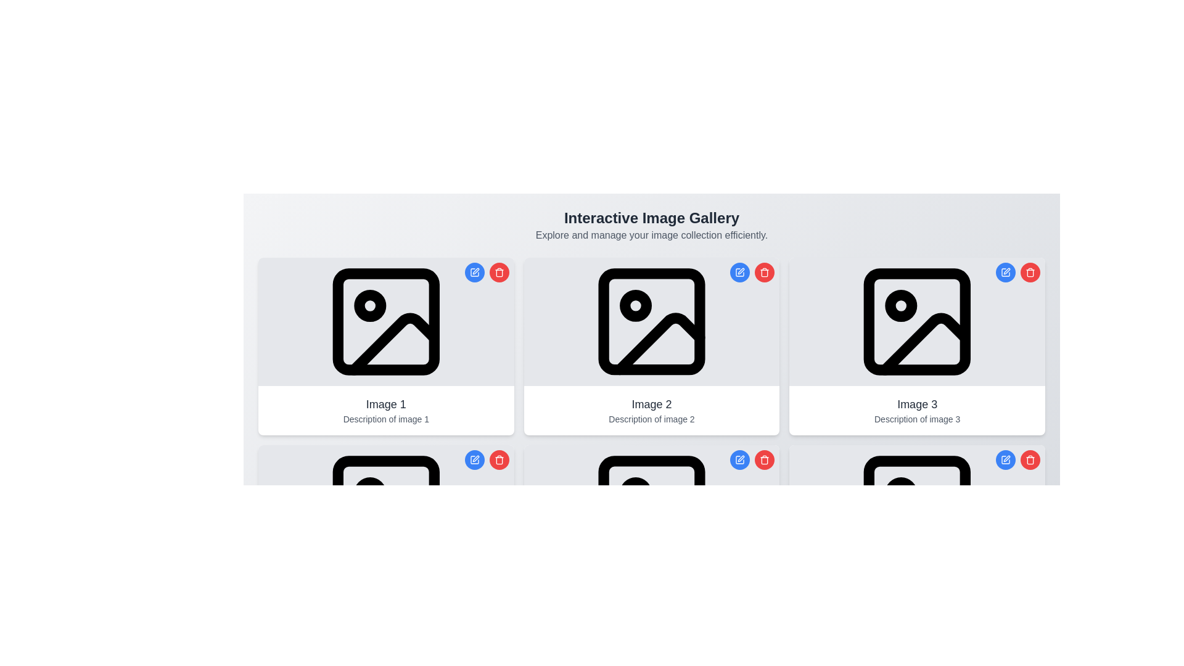  What do you see at coordinates (763, 459) in the screenshot?
I see `the delete icon located within the red circular button at the top-right corner of the card representing 'Image 2' in the gallery` at bounding box center [763, 459].